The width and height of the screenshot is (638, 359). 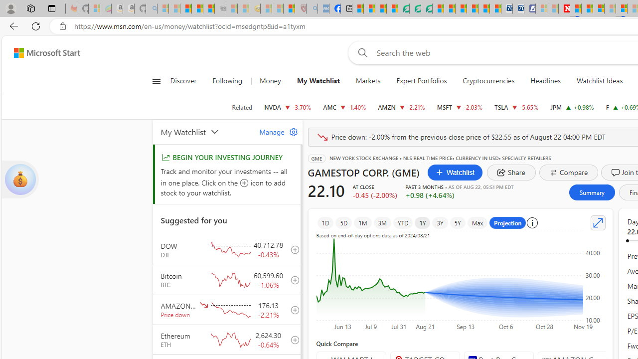 What do you see at coordinates (511, 172) in the screenshot?
I see `'share dialog'` at bounding box center [511, 172].